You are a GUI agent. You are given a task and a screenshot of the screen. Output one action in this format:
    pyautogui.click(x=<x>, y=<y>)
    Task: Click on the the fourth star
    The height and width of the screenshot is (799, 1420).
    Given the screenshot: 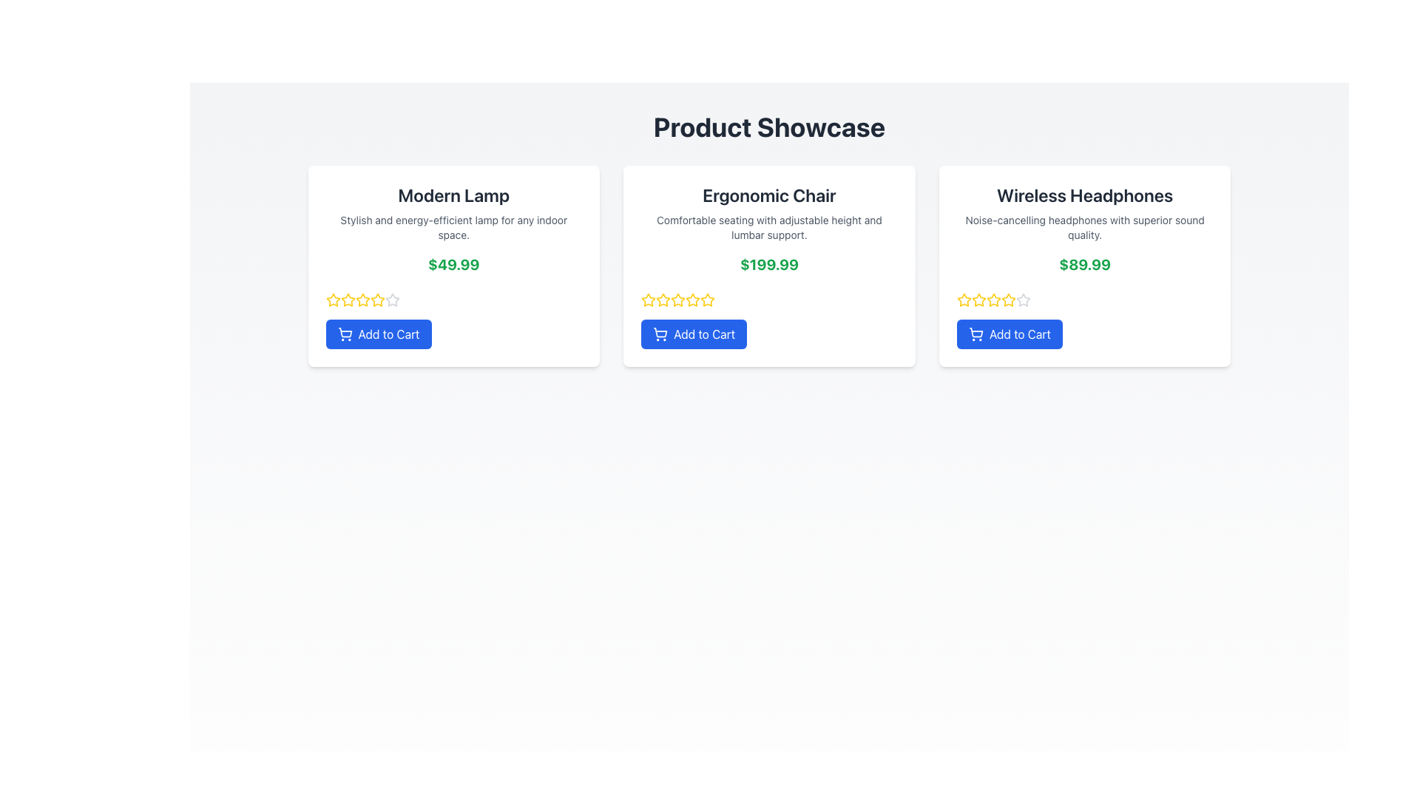 What is the action you would take?
    pyautogui.click(x=362, y=300)
    